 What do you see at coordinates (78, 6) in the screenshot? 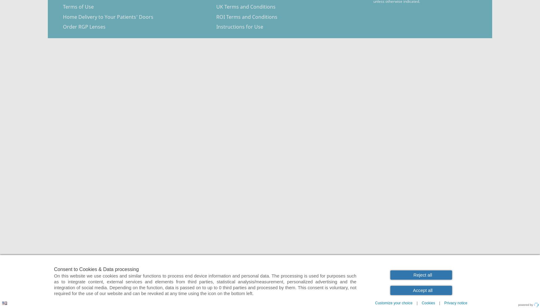
I see `'Terms of Use'` at bounding box center [78, 6].